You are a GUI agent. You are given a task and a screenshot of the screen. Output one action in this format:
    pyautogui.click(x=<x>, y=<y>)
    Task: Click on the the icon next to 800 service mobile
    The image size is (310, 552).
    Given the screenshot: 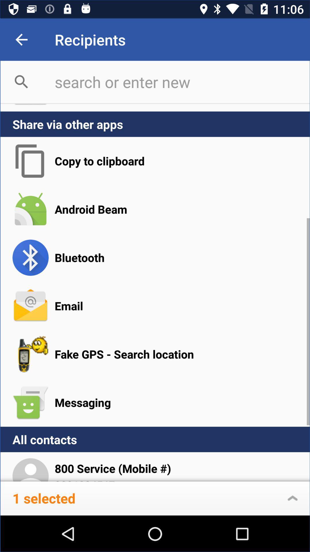 What is the action you would take?
    pyautogui.click(x=31, y=463)
    